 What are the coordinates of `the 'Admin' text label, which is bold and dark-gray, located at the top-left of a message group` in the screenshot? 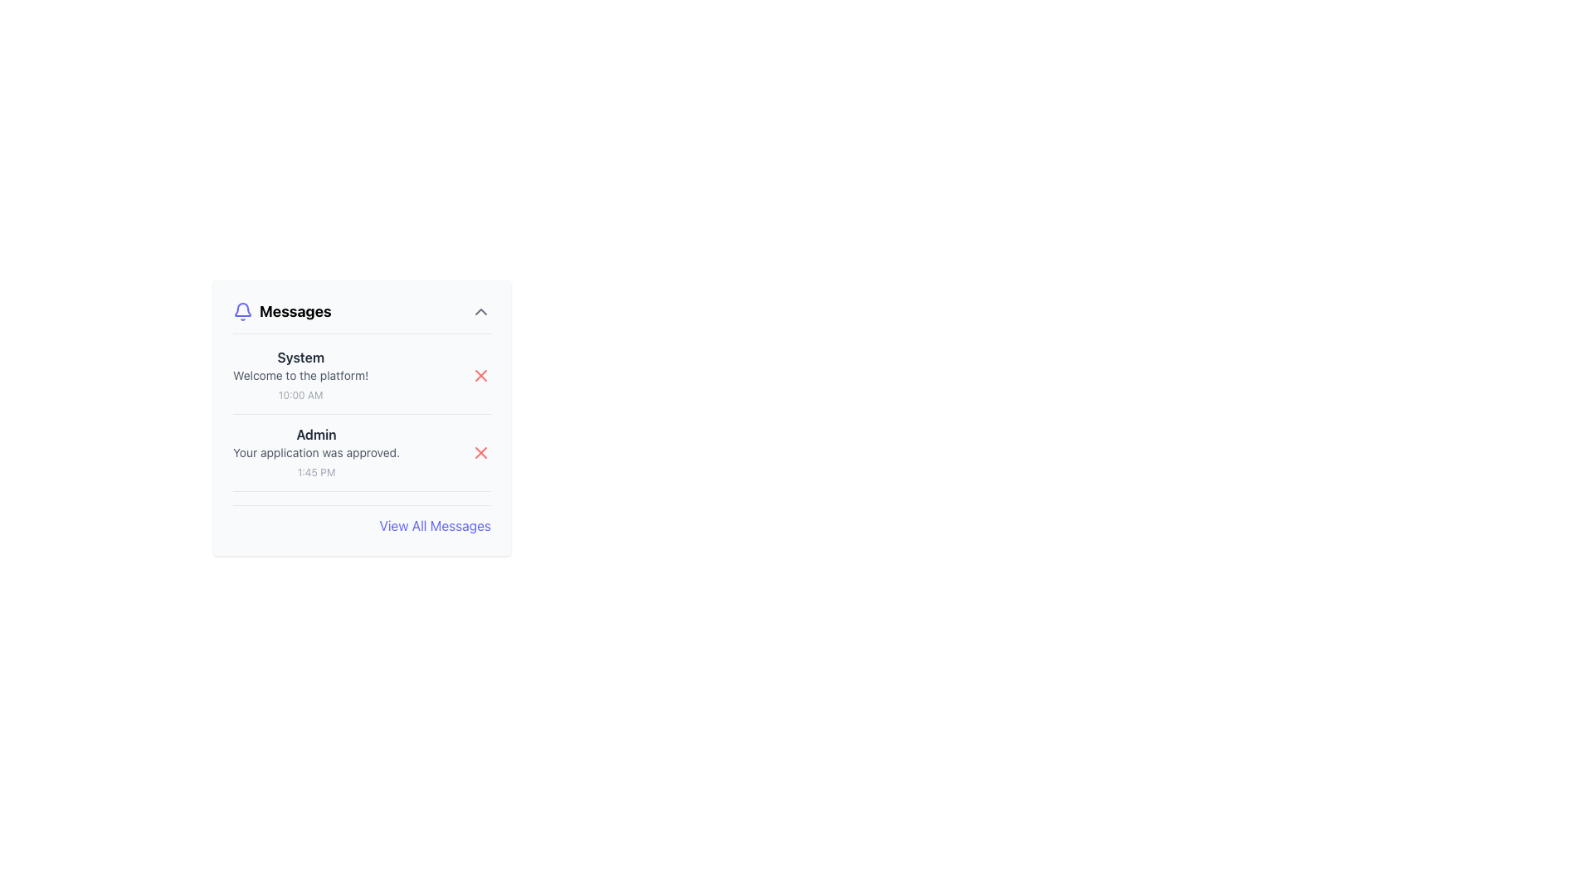 It's located at (316, 434).